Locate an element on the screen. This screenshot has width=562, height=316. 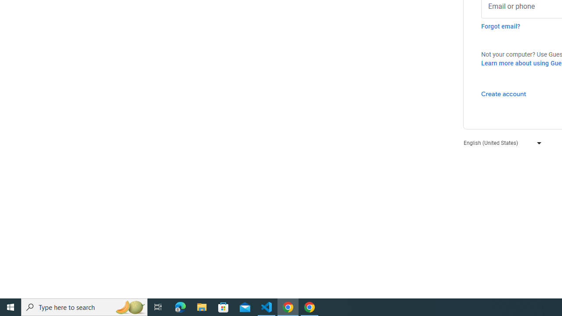
'English (United States)' is located at coordinates (500, 142).